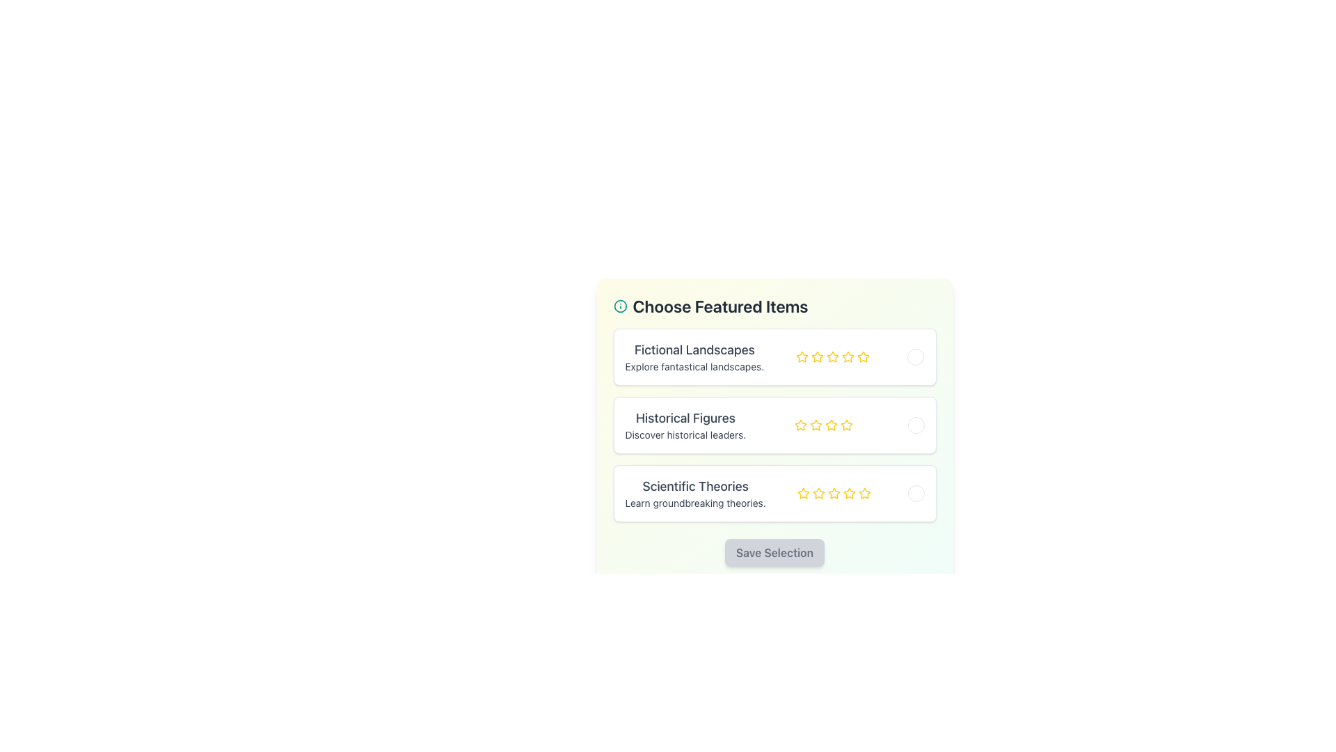 The image size is (1336, 752). I want to click on the fifth rating star in the 'Historical Figures' section, so click(846, 424).